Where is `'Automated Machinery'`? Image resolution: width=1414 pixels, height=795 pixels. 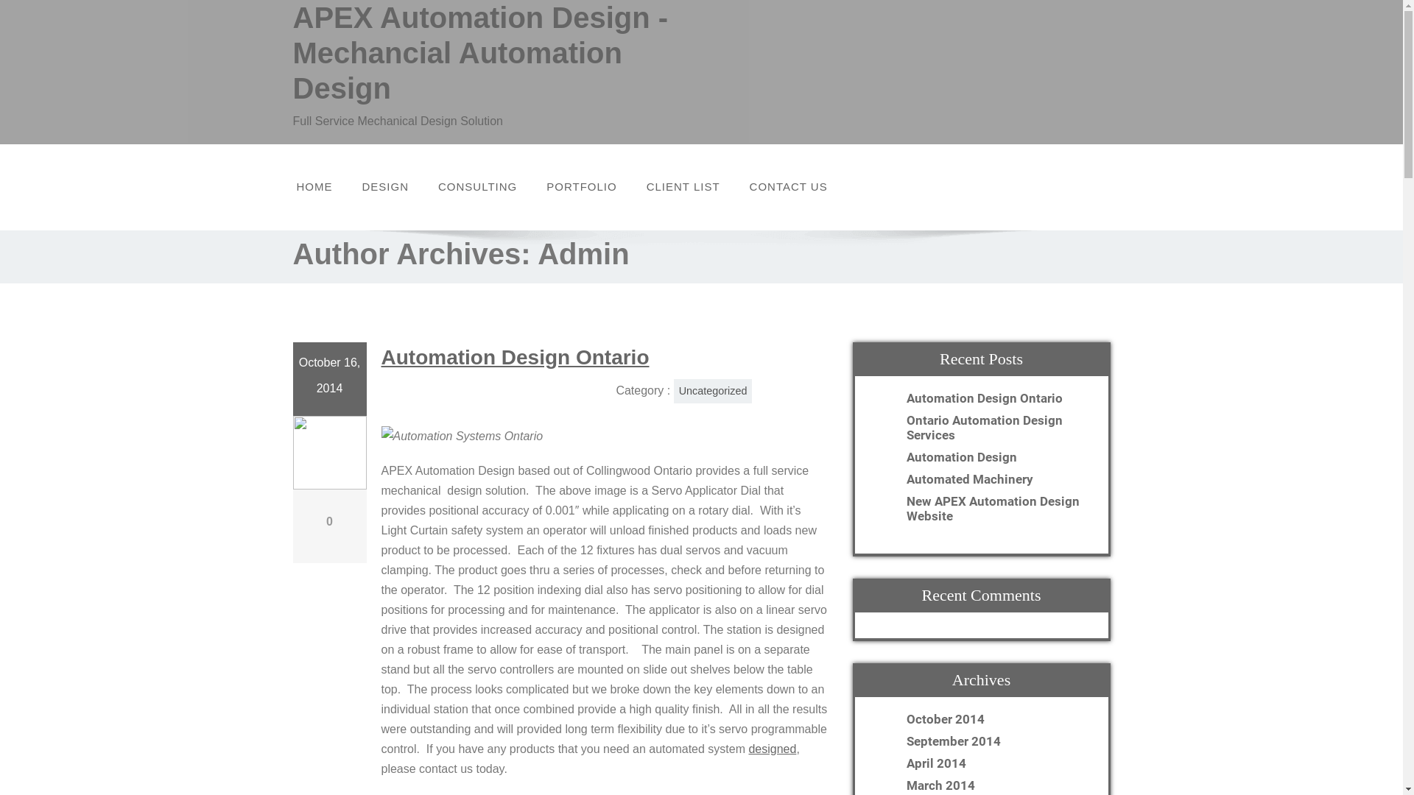 'Automated Machinery' is located at coordinates (996, 478).